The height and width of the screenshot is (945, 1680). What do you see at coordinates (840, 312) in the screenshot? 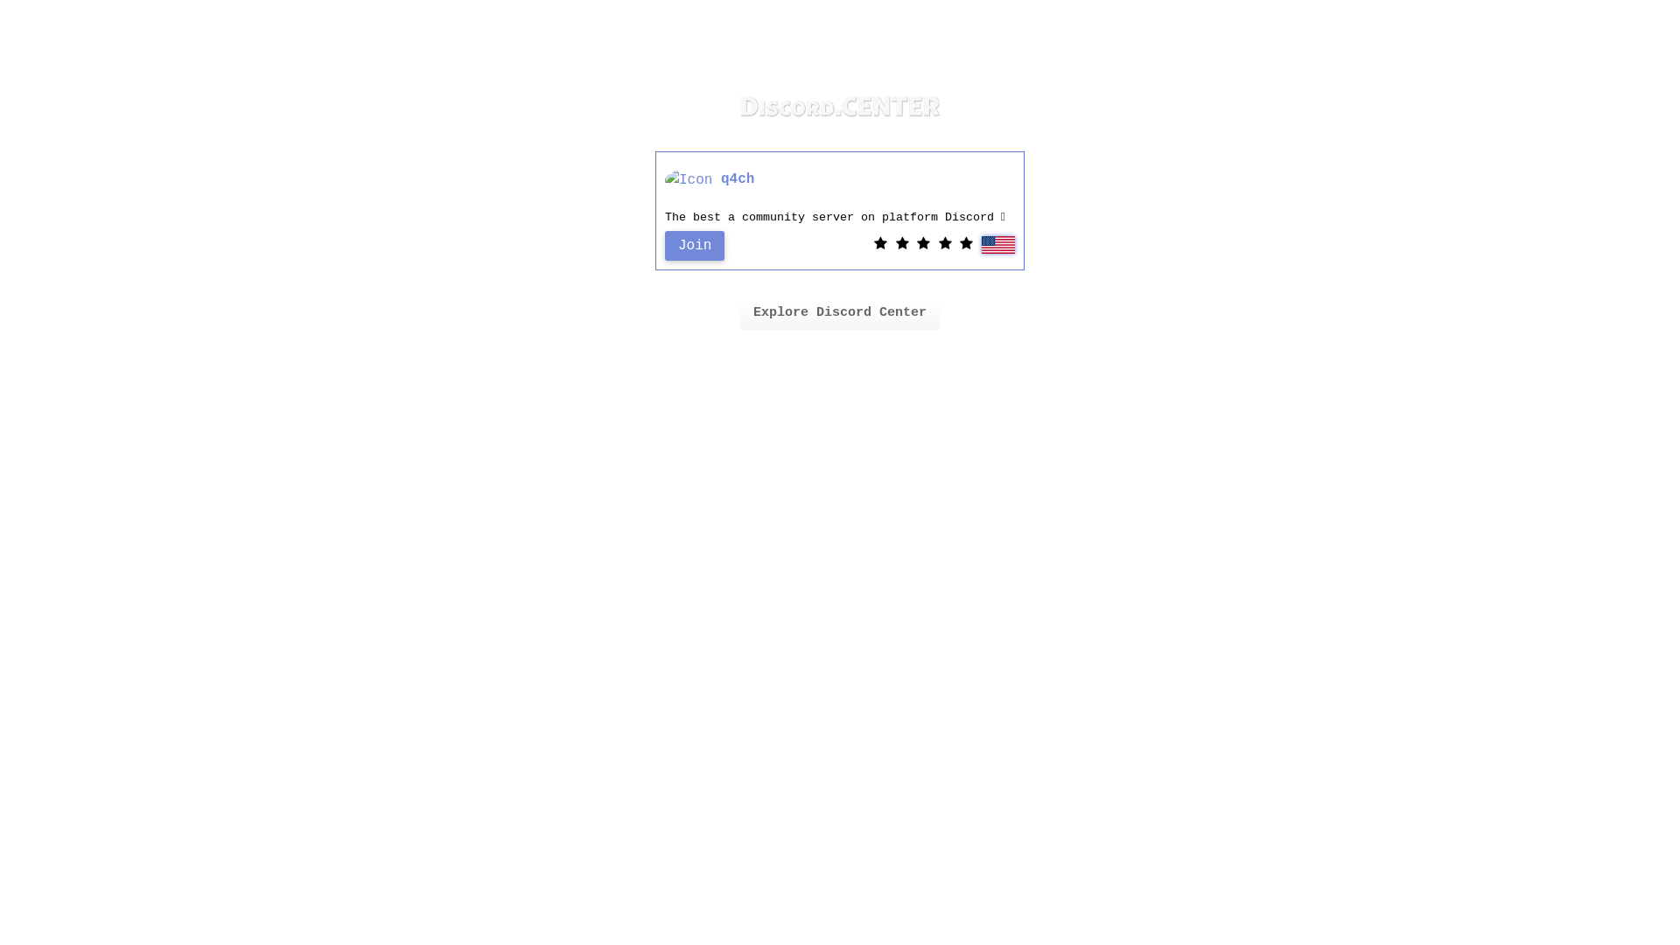
I see `'Explore Discord Center'` at bounding box center [840, 312].